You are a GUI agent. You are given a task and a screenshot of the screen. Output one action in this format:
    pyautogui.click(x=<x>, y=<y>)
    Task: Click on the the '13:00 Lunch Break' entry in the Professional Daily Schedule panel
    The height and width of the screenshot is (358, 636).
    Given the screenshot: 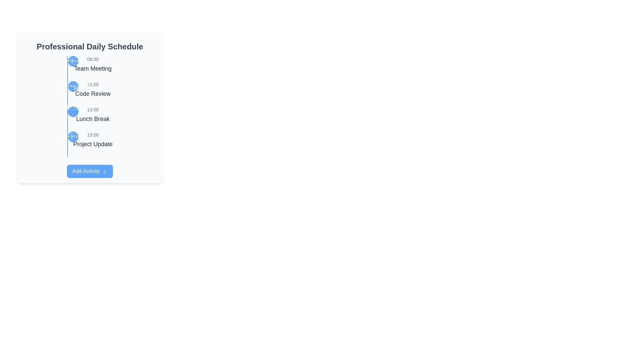 What is the action you would take?
    pyautogui.click(x=89, y=107)
    